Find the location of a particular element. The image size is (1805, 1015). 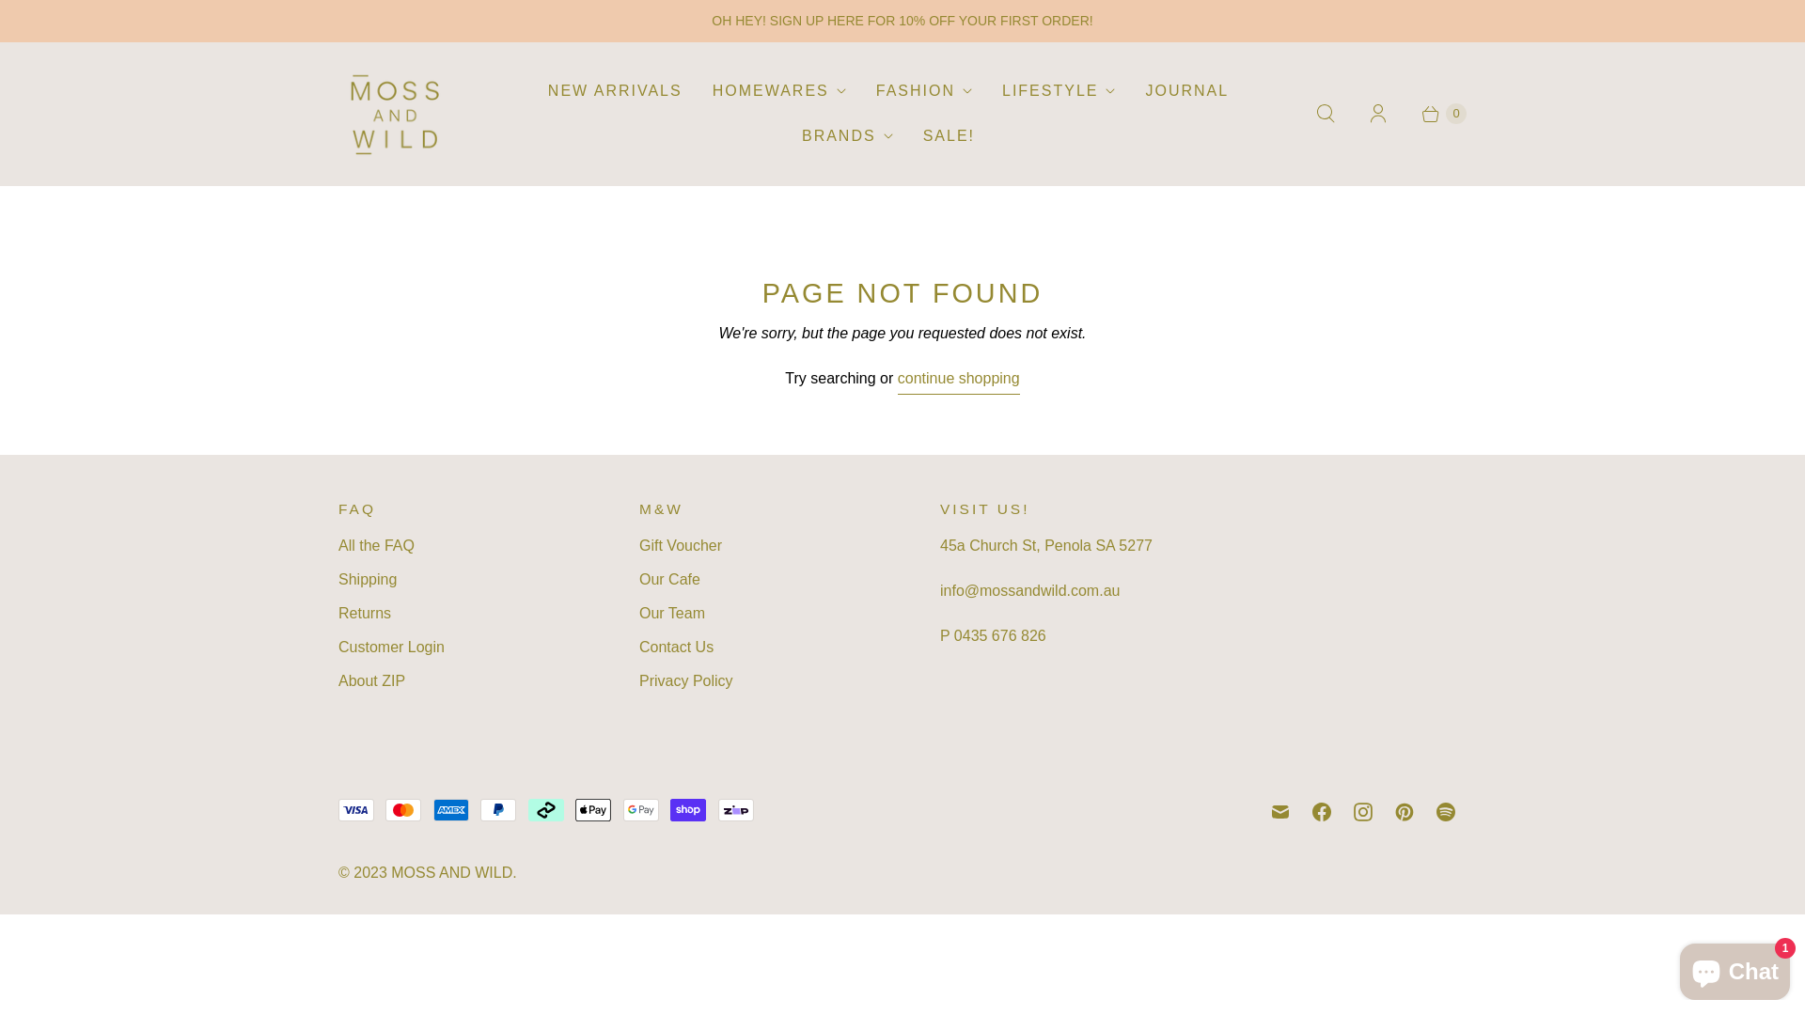

'Shipping' is located at coordinates (367, 578).